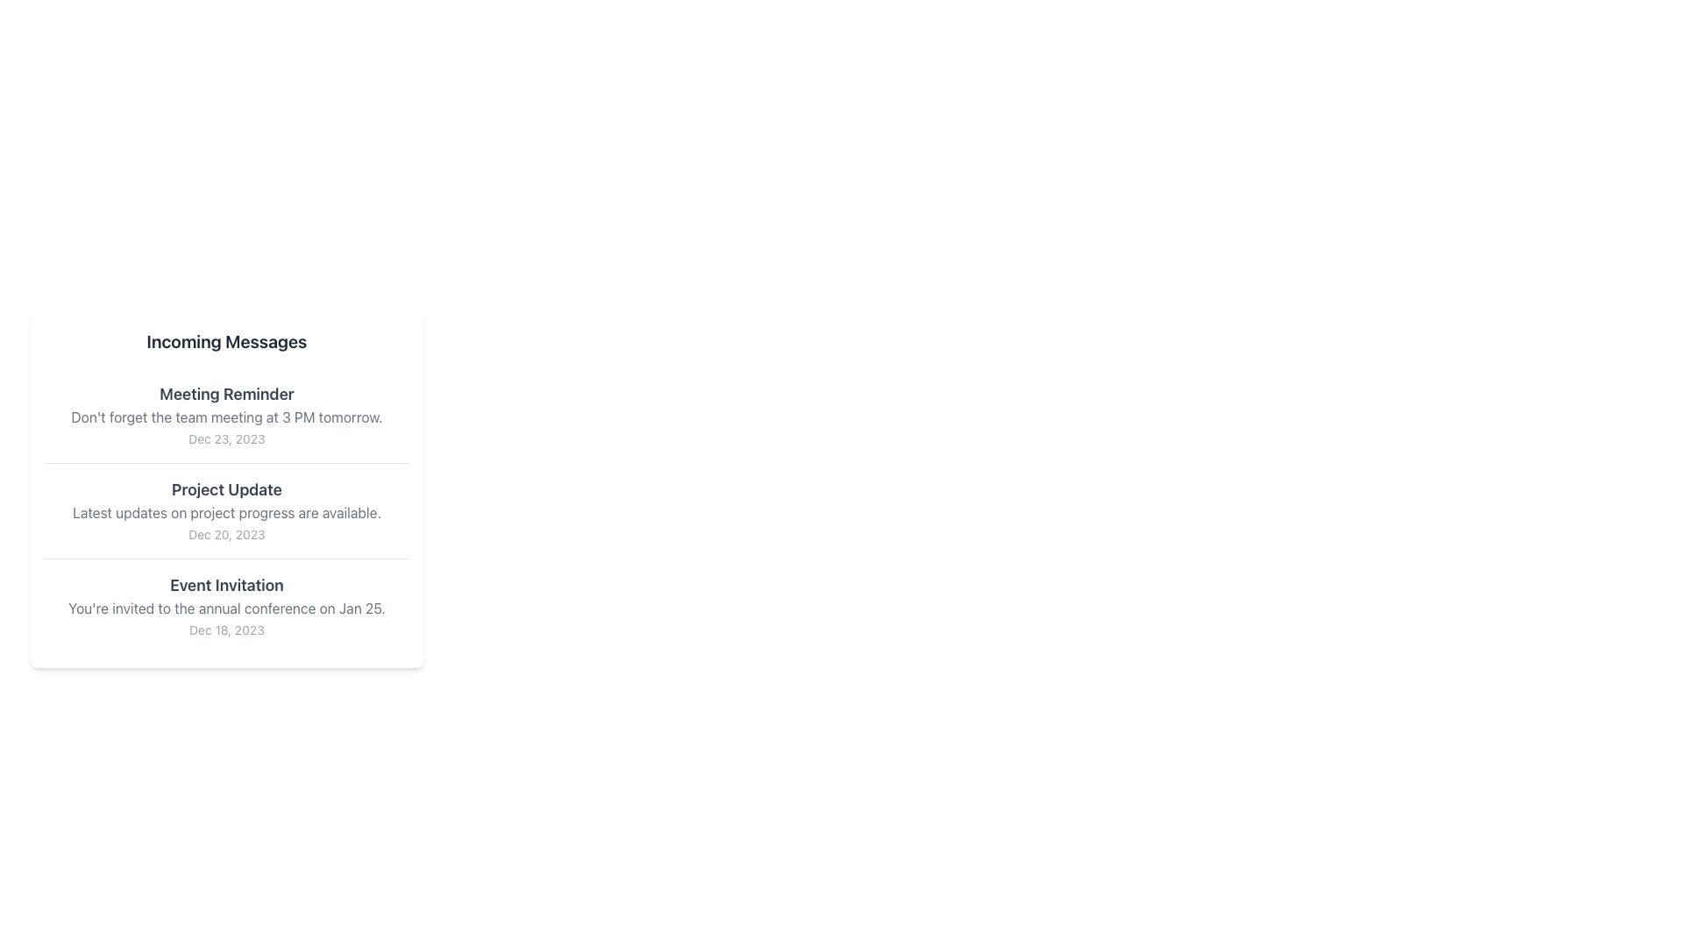 The height and width of the screenshot is (947, 1683). What do you see at coordinates (226, 510) in the screenshot?
I see `the second text block in the 'Incoming Messages' panel, which provides project updates and is located between 'Meeting Reminder' and 'Event Invitation'` at bounding box center [226, 510].